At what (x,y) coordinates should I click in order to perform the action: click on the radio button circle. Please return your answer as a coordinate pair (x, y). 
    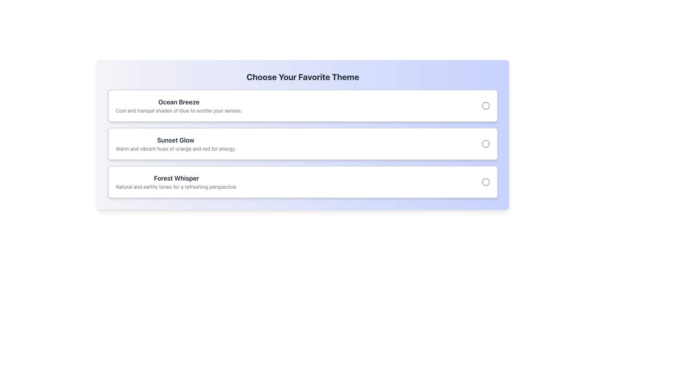
    Looking at the image, I should click on (485, 106).